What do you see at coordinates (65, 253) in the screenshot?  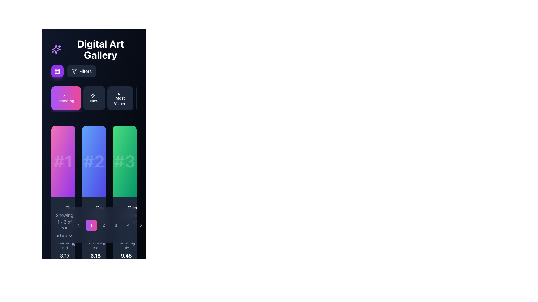 I see `the 'Current Bid' Text Label displaying '3.17 ETH', which is the leftmost item in a horizontal line of bid value elements located below the first column of artwork previews` at bounding box center [65, 253].